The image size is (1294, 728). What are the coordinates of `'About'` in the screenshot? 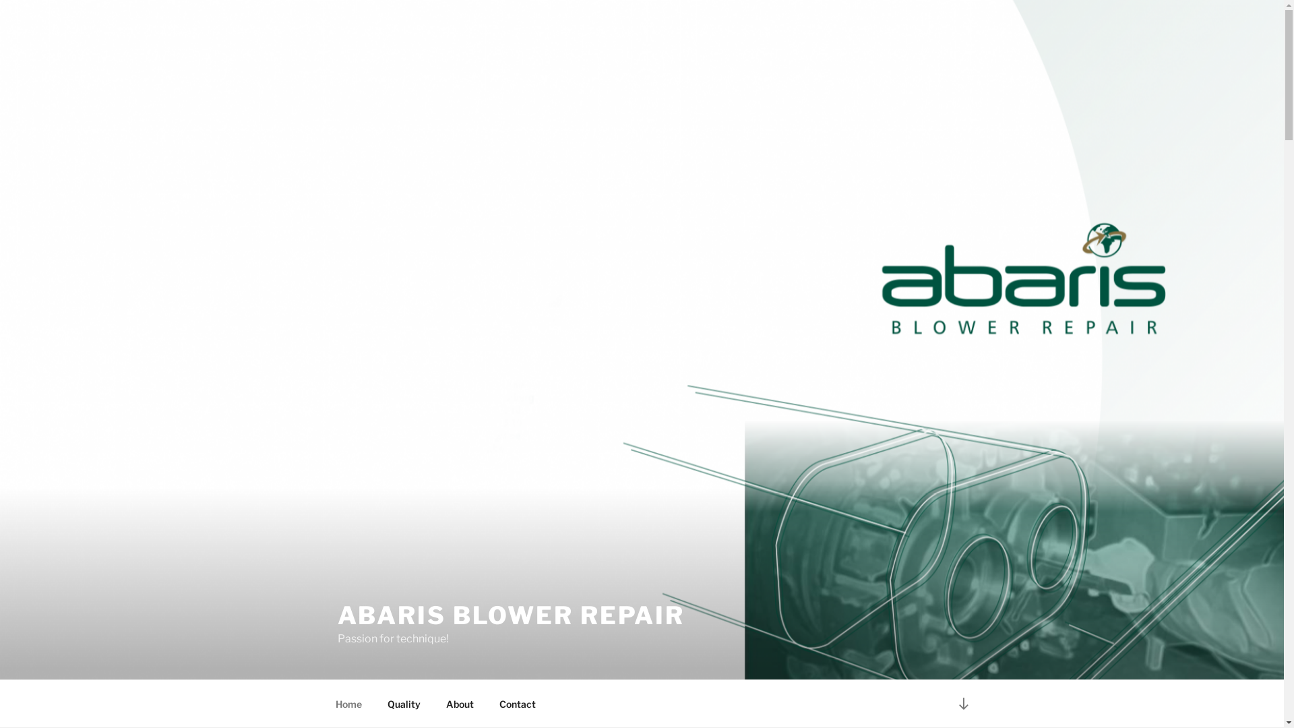 It's located at (433, 703).